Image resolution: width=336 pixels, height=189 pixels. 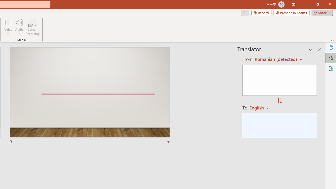 I want to click on 'Czech (detected)', so click(x=275, y=59).